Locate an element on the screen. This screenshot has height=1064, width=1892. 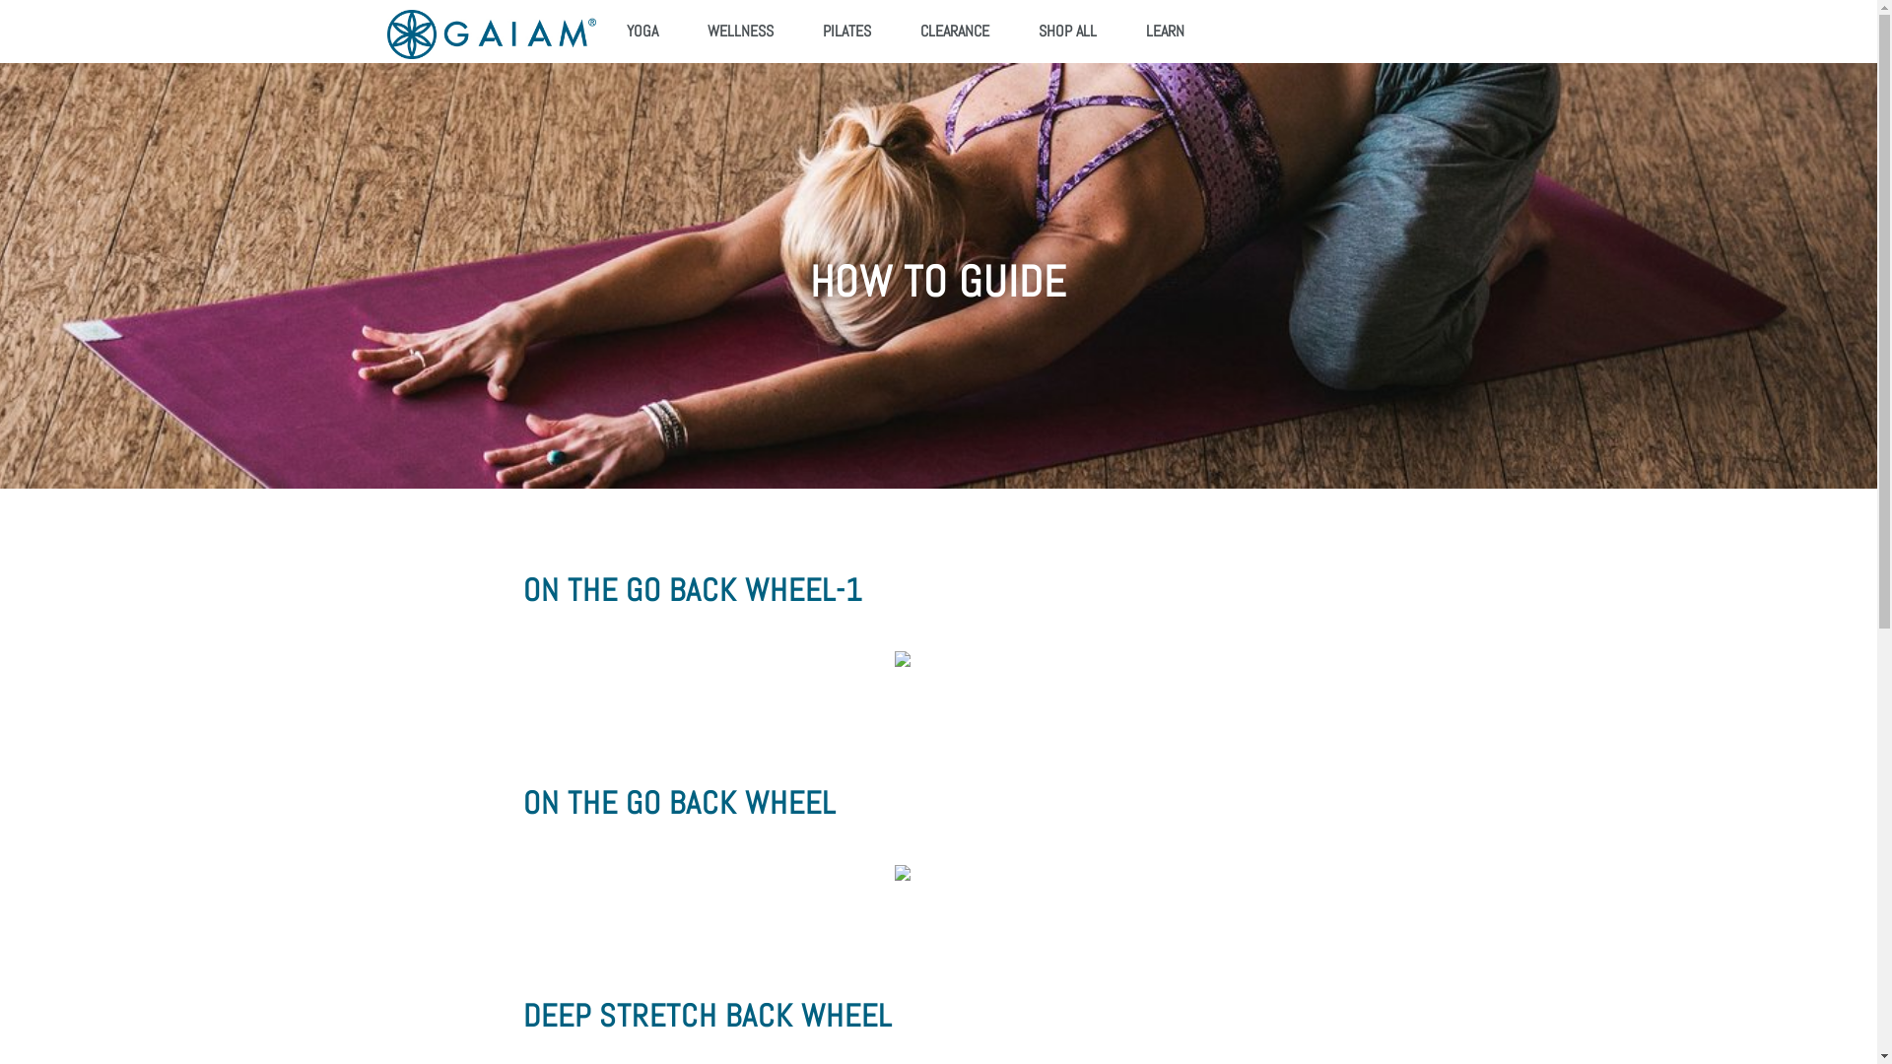
'LEARN' is located at coordinates (1165, 32).